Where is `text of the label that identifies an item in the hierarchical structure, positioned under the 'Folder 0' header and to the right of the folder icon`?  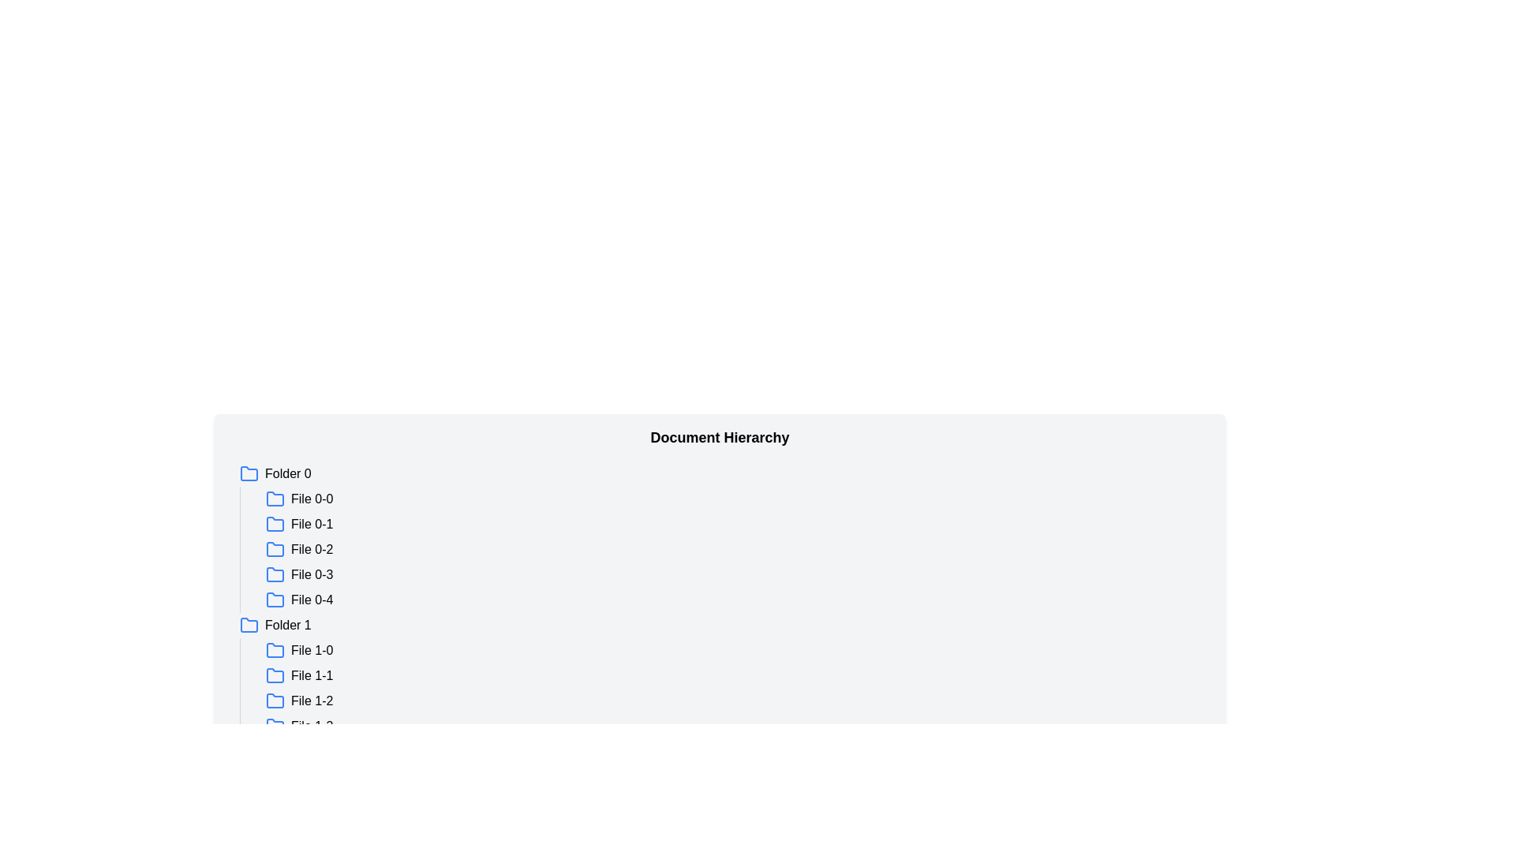 text of the label that identifies an item in the hierarchical structure, positioned under the 'Folder 0' header and to the right of the folder icon is located at coordinates (312, 499).